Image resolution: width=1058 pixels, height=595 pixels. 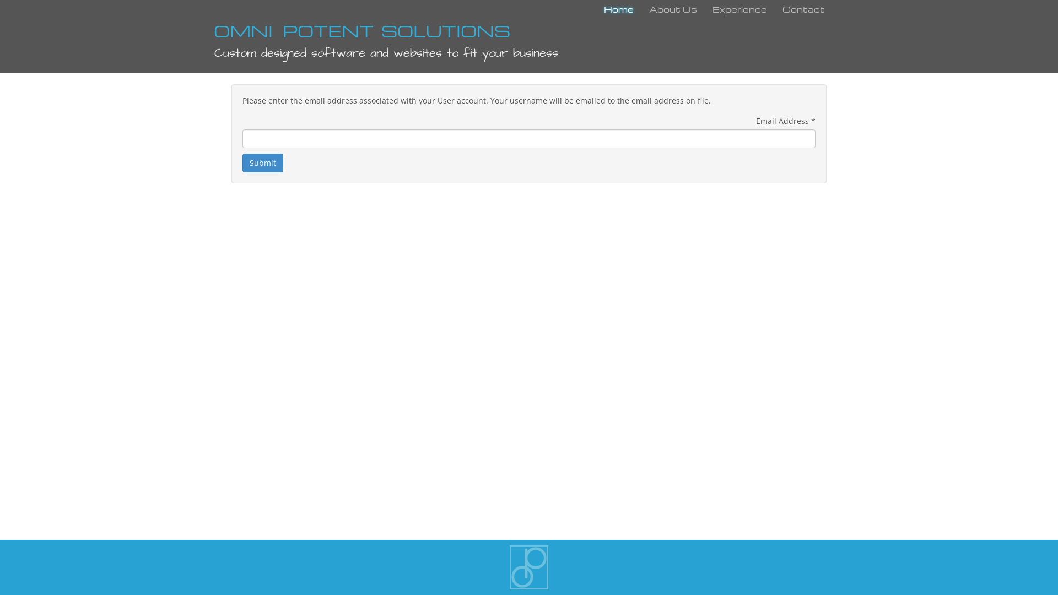 I want to click on 'Home', so click(x=619, y=10).